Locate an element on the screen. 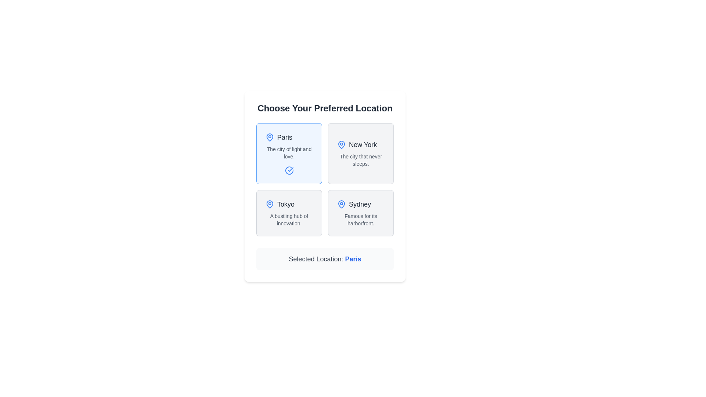  the Icon (location indicator) located to the left of the 'Sydney' label is located at coordinates (341, 204).